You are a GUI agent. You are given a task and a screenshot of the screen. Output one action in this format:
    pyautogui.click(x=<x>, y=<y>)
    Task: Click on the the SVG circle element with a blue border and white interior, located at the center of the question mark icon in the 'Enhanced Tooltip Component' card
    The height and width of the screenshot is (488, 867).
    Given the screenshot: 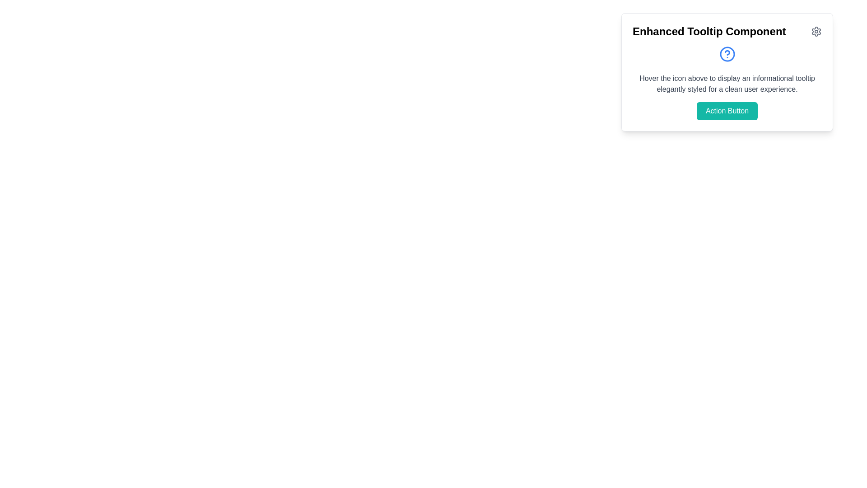 What is the action you would take?
    pyautogui.click(x=727, y=54)
    